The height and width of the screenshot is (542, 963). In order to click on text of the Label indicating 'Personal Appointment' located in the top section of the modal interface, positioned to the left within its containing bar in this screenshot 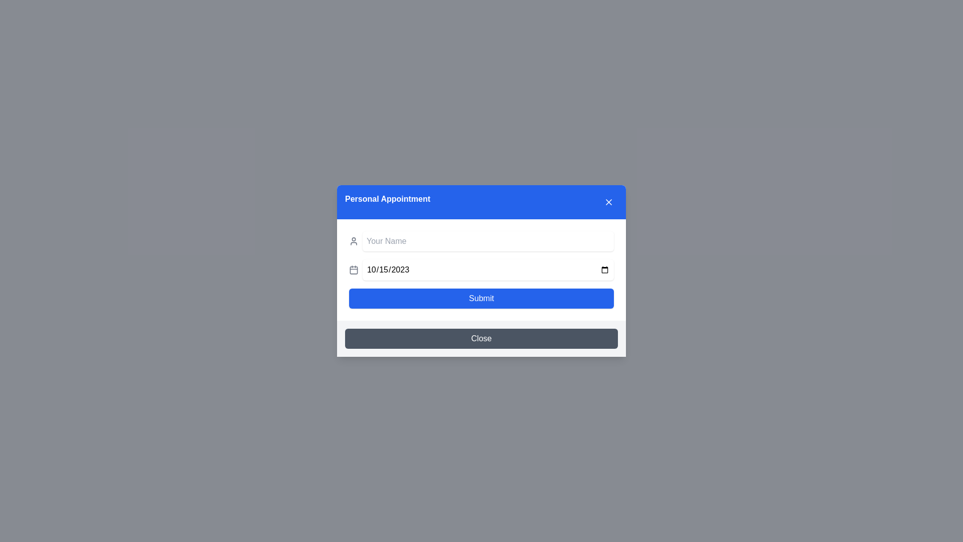, I will do `click(387, 202)`.